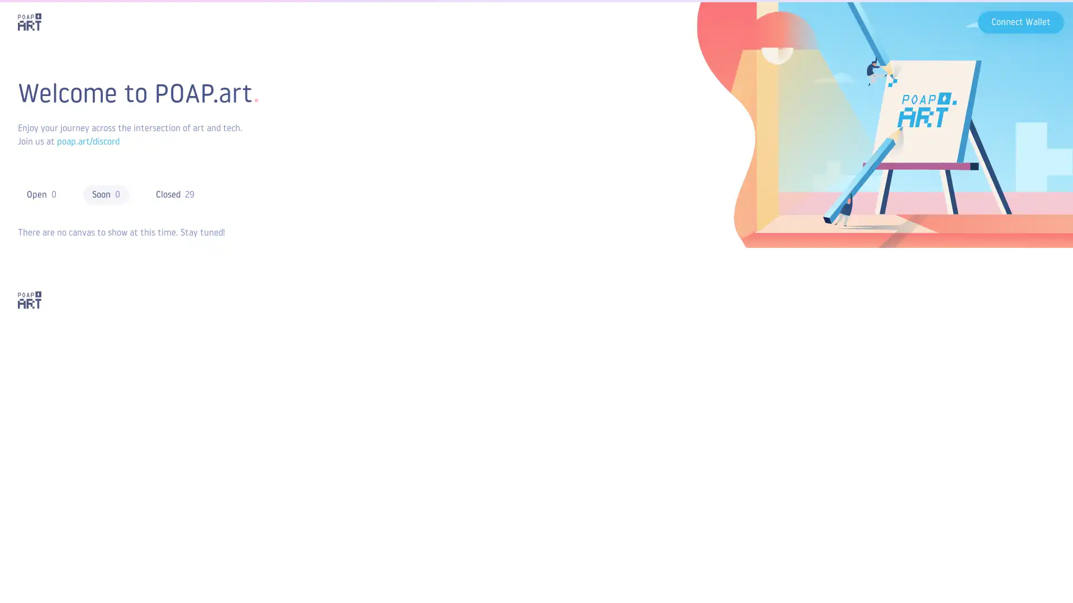  Describe the element at coordinates (1021, 21) in the screenshot. I see `Connect Wallet Connect Wallet` at that location.